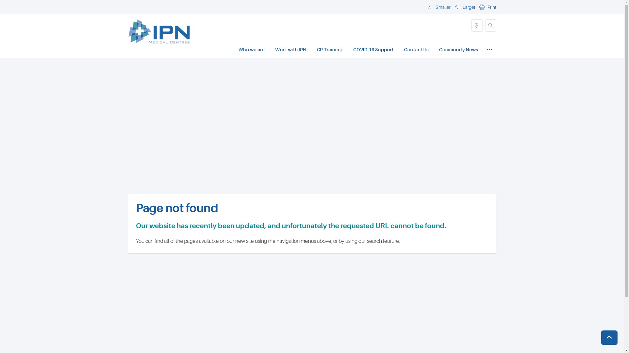  What do you see at coordinates (353, 50) in the screenshot?
I see `'COVID-19 Support'` at bounding box center [353, 50].